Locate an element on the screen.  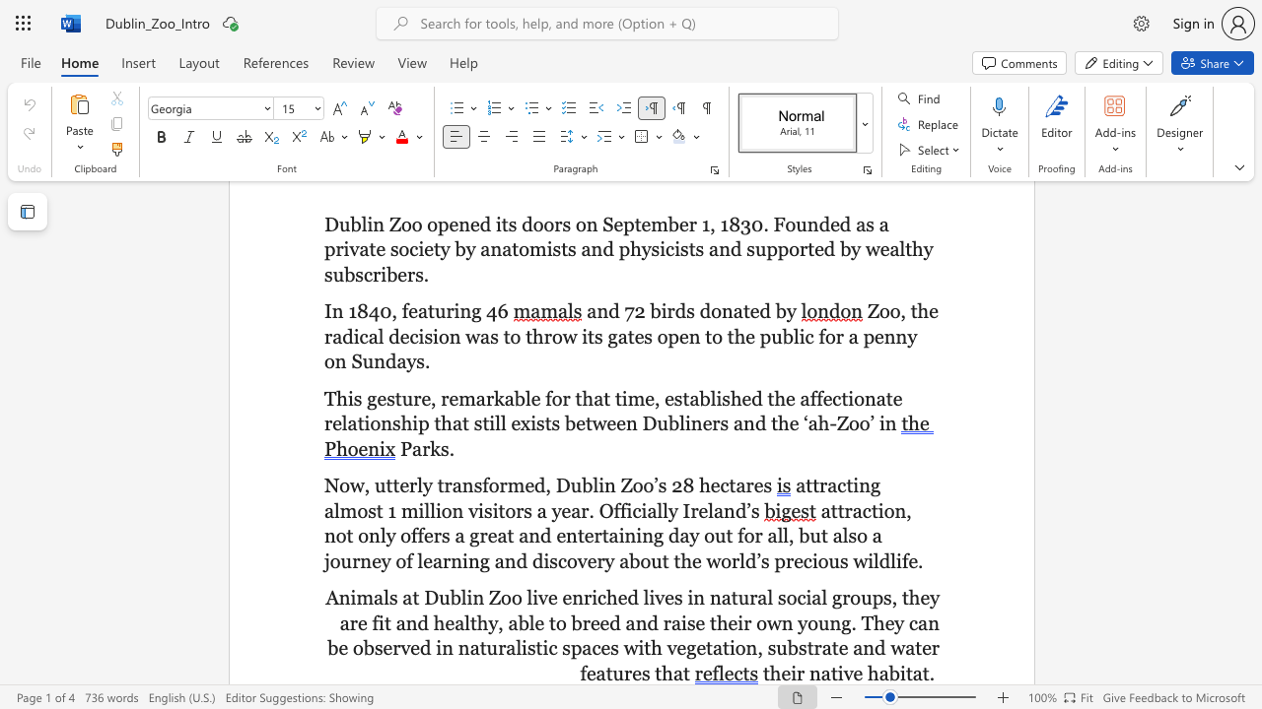
the subset text "ralistic spaces with vegetation, substrate and water feat" within the text "in naturalistic spaces with vegetation, substrate and water features that" is located at coordinates (498, 648).